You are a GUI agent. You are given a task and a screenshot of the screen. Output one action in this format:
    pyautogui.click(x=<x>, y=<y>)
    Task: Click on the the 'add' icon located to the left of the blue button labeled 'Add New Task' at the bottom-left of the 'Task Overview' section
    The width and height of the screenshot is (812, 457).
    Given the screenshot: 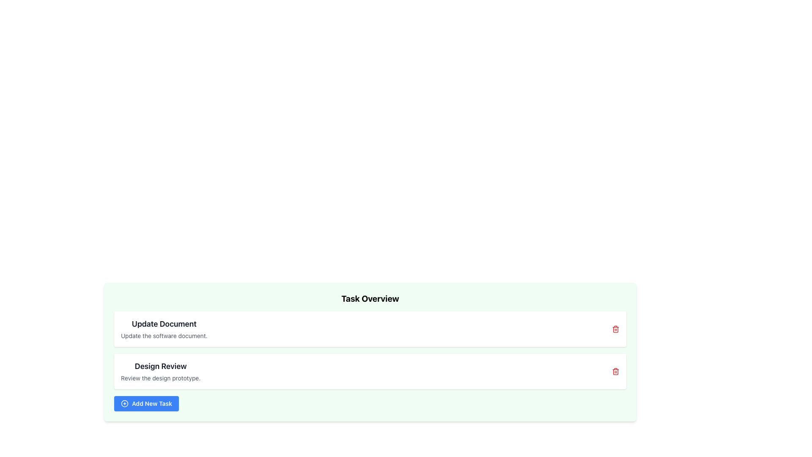 What is the action you would take?
    pyautogui.click(x=124, y=403)
    